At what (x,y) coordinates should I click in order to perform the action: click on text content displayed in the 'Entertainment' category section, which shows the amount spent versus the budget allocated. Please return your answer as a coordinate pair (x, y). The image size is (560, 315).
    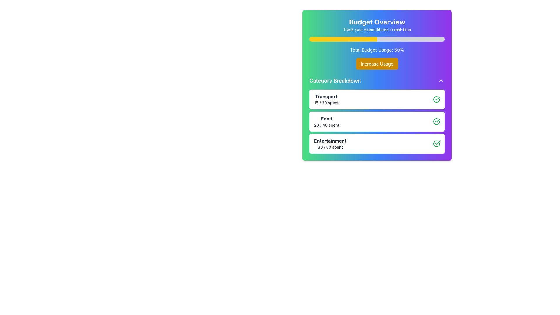
    Looking at the image, I should click on (330, 144).